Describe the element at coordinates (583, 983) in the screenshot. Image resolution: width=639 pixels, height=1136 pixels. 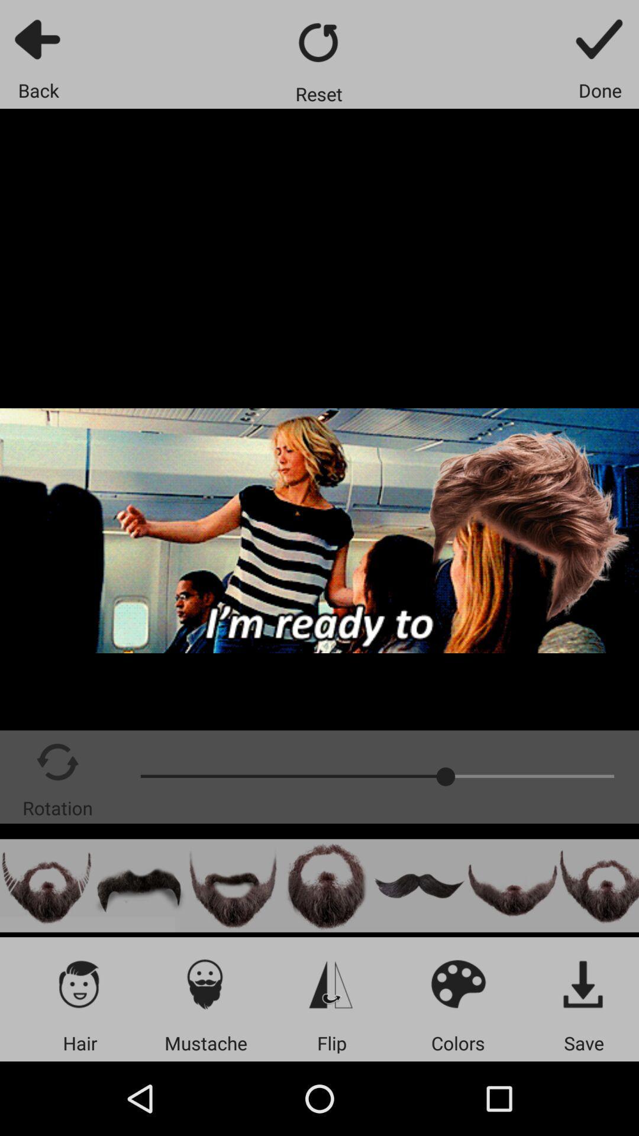
I see `the item above the save app` at that location.